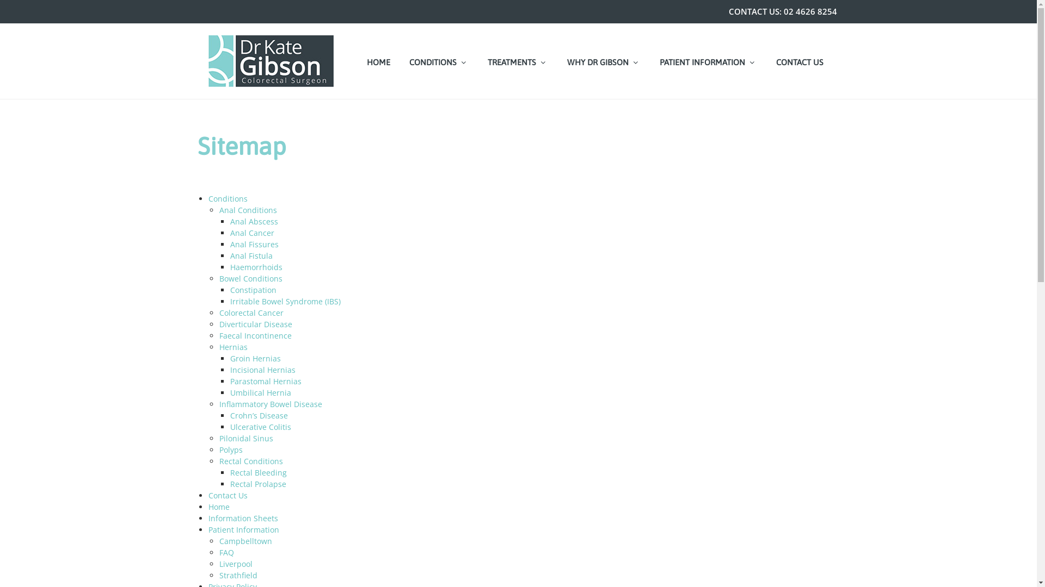 Image resolution: width=1045 pixels, height=587 pixels. Describe the element at coordinates (229, 221) in the screenshot. I see `'Anal Abscess'` at that location.